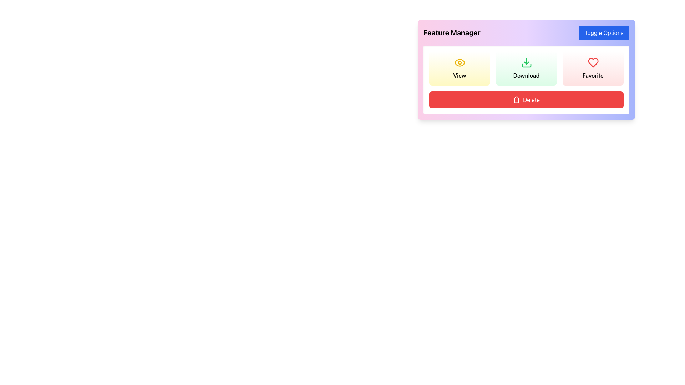 The image size is (685, 385). Describe the element at coordinates (460, 62) in the screenshot. I see `the yellow eye-shaped icon in the 'View' section of the 'Feature Manager' interface` at that location.